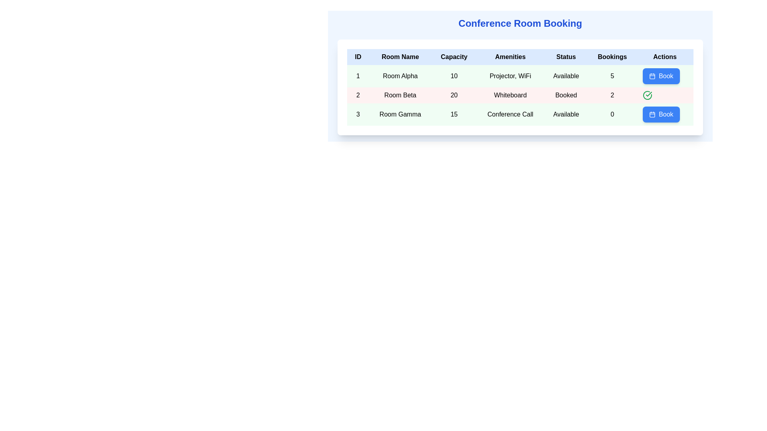  What do you see at coordinates (612, 95) in the screenshot?
I see `numeric value '2' displayed in black text within the light red background of the Table cell located in the 'Bookings' column of the 'Room Beta' row` at bounding box center [612, 95].